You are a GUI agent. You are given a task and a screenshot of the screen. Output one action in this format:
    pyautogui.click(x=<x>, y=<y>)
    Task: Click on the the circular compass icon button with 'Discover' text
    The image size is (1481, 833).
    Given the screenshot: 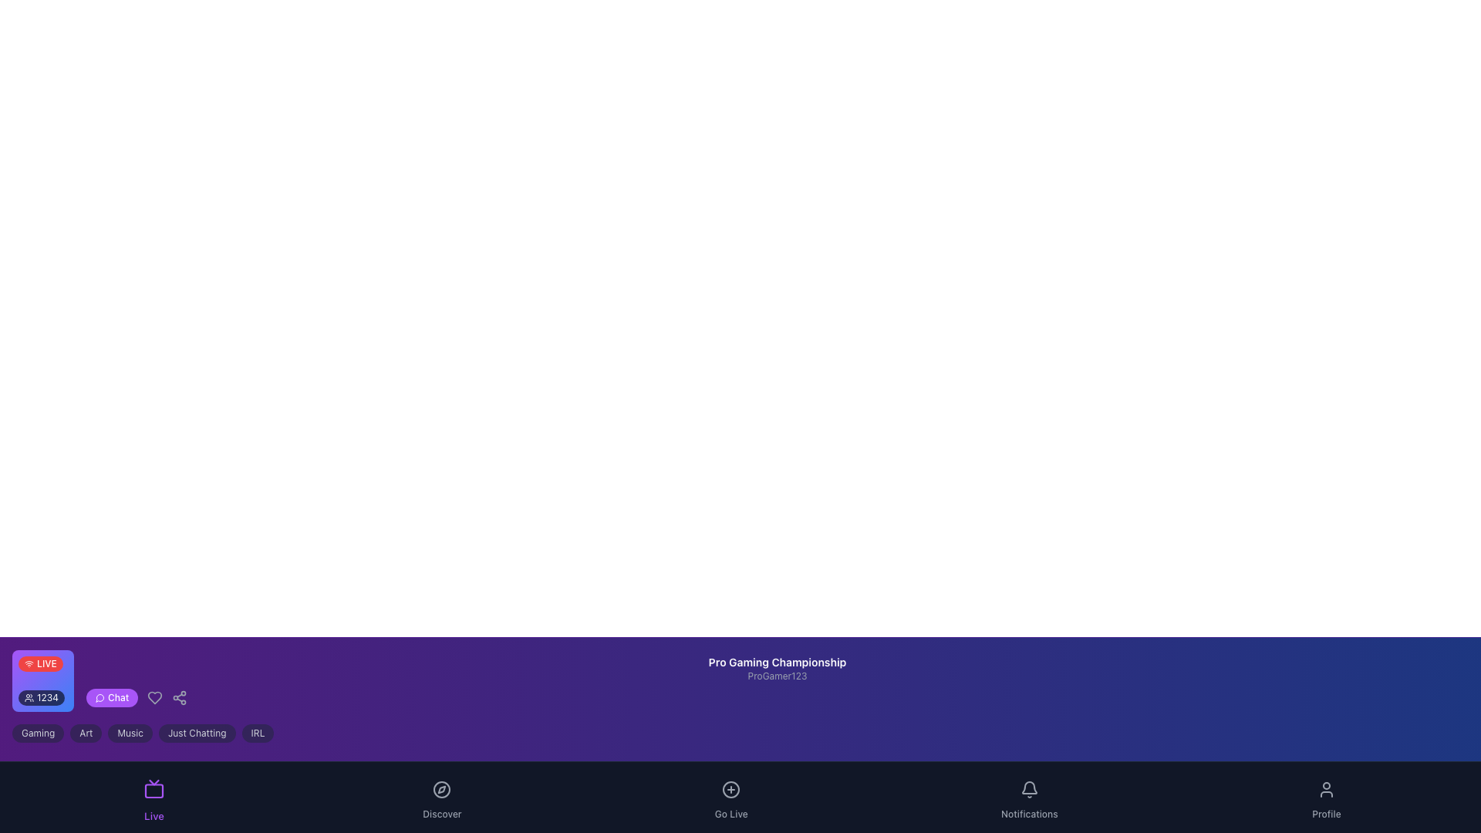 What is the action you would take?
    pyautogui.click(x=441, y=797)
    